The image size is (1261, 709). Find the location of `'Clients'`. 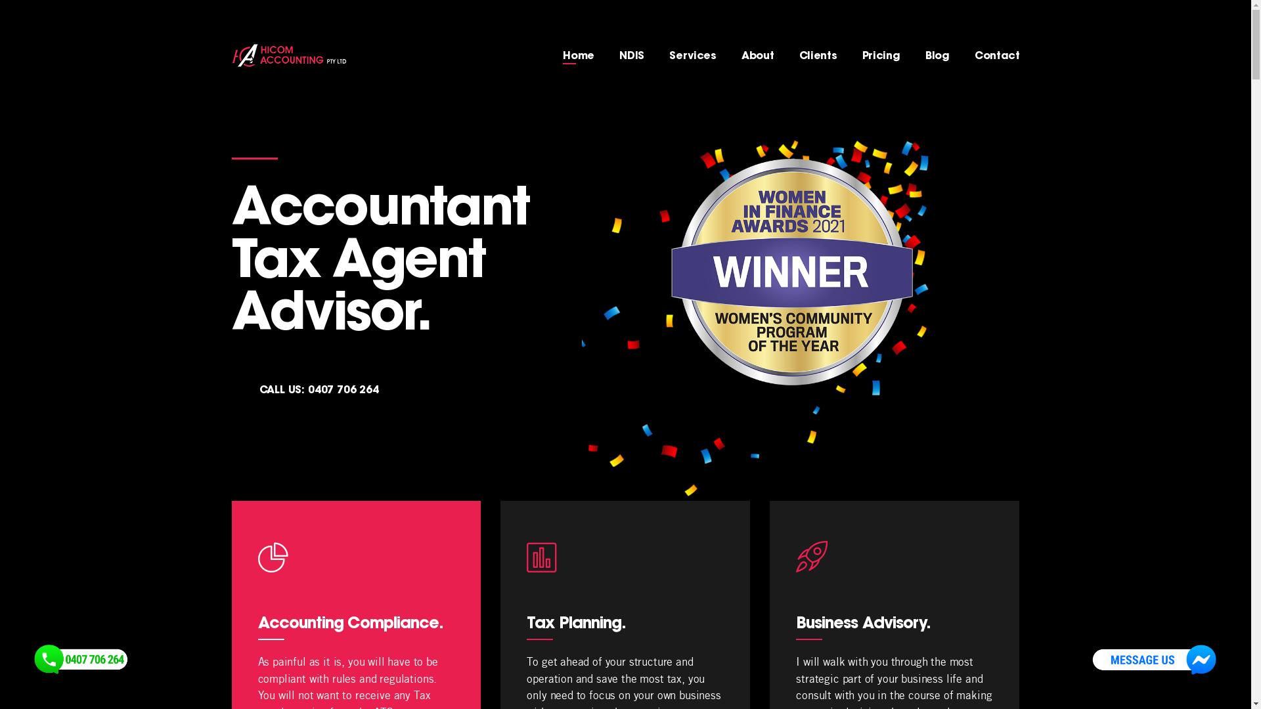

'Clients' is located at coordinates (818, 55).